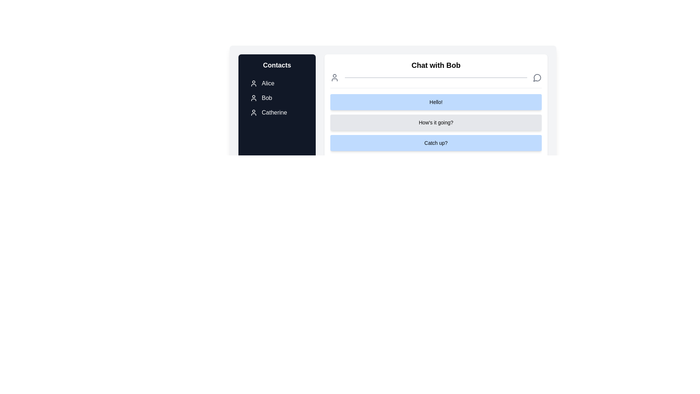 This screenshot has width=700, height=394. I want to click on the text messages within the chat window for the contact 'Bob' to interact with them, so click(436, 122).